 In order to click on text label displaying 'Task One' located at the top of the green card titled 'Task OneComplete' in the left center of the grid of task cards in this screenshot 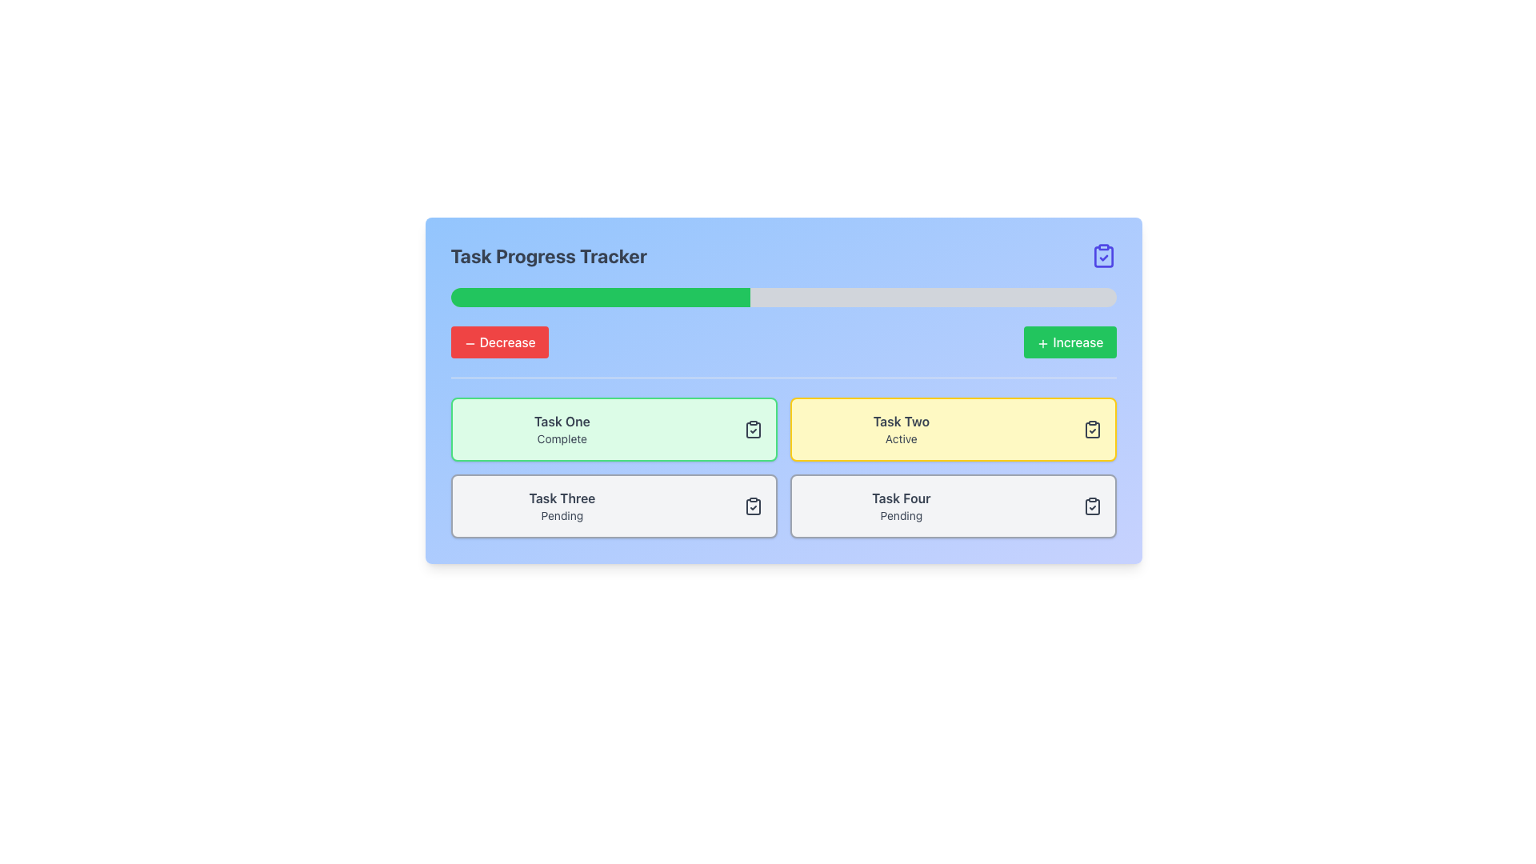, I will do `click(562, 421)`.